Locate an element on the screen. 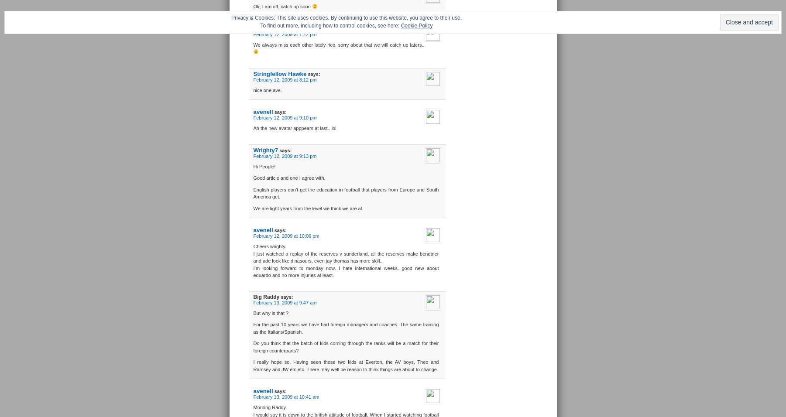 The image size is (786, 417). 'I’m looking forward to monday now. I hate international weeks. good new about eduardo and no more injuries at least.' is located at coordinates (346, 271).